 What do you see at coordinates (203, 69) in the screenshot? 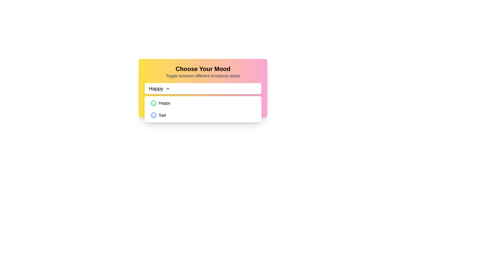
I see `the Header text element displaying 'Choose Your Mood', which is prominently bold and centered within a vibrant gradient background` at bounding box center [203, 69].